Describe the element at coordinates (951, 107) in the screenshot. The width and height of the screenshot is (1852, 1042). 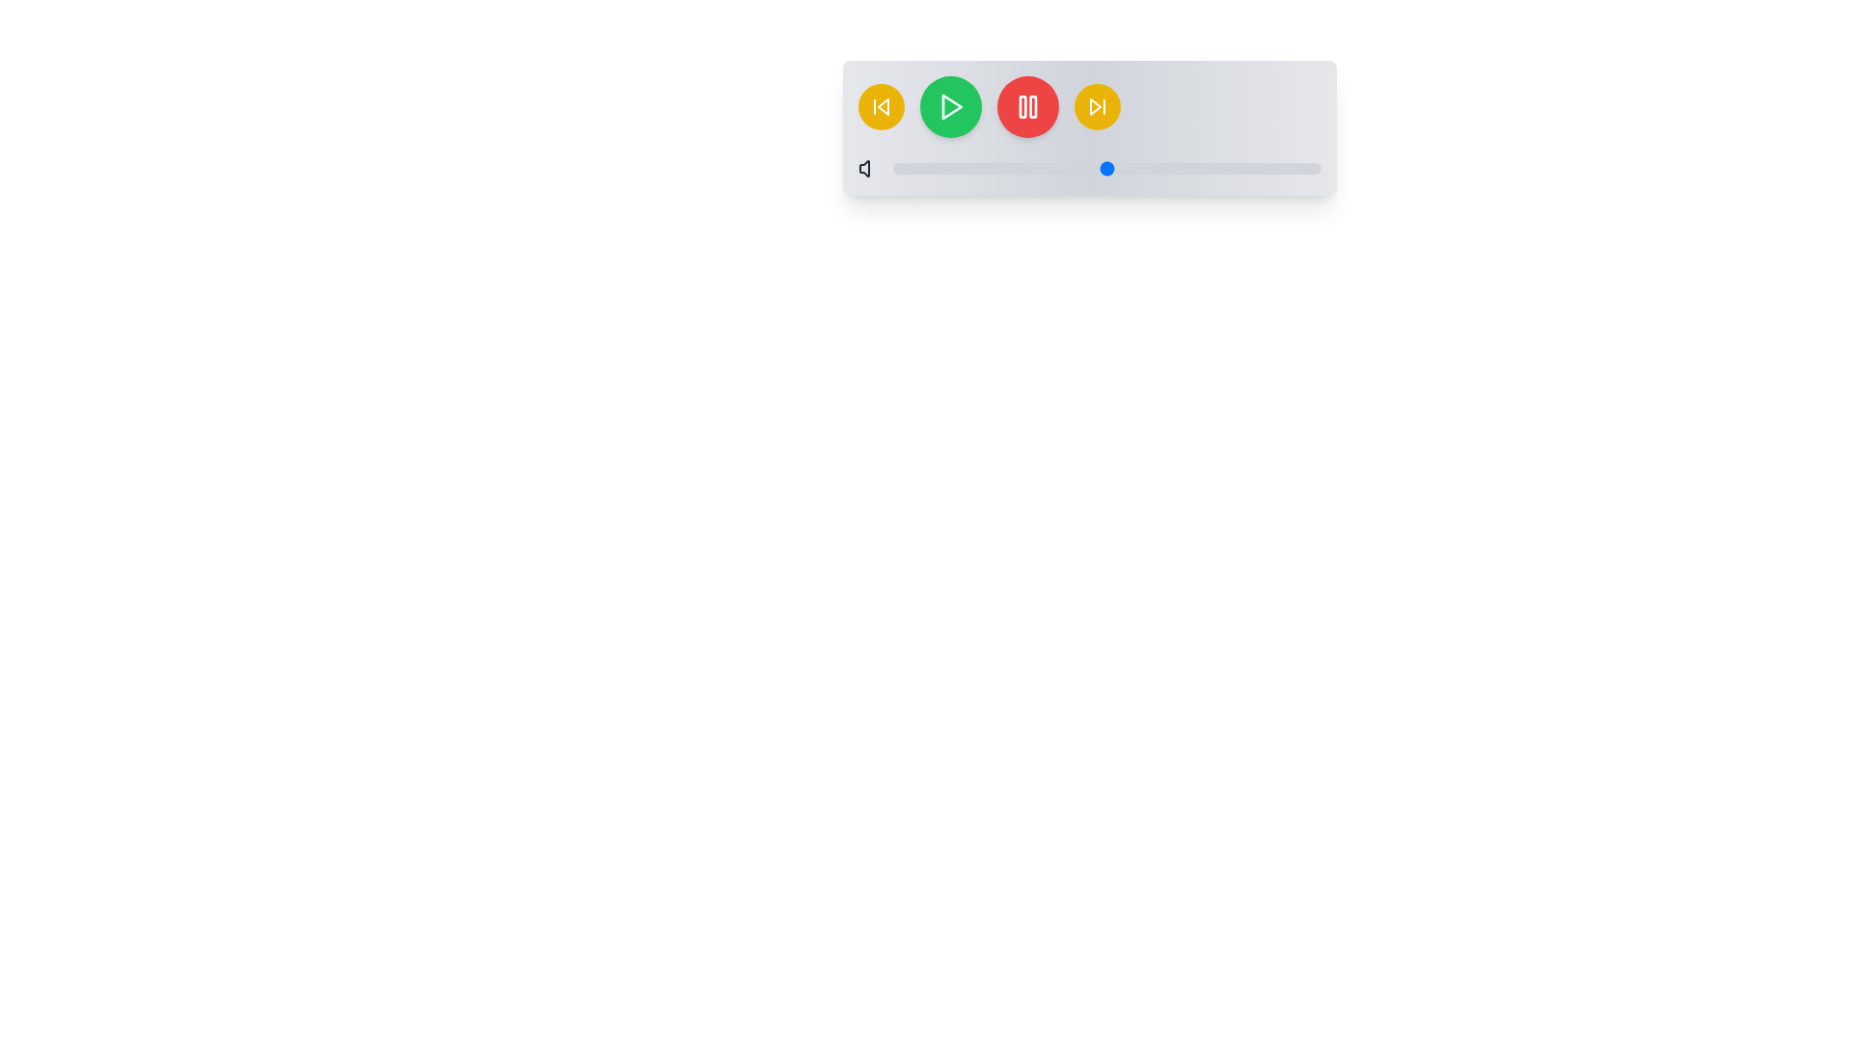
I see `the green triangular play button located on the audio control interface` at that location.